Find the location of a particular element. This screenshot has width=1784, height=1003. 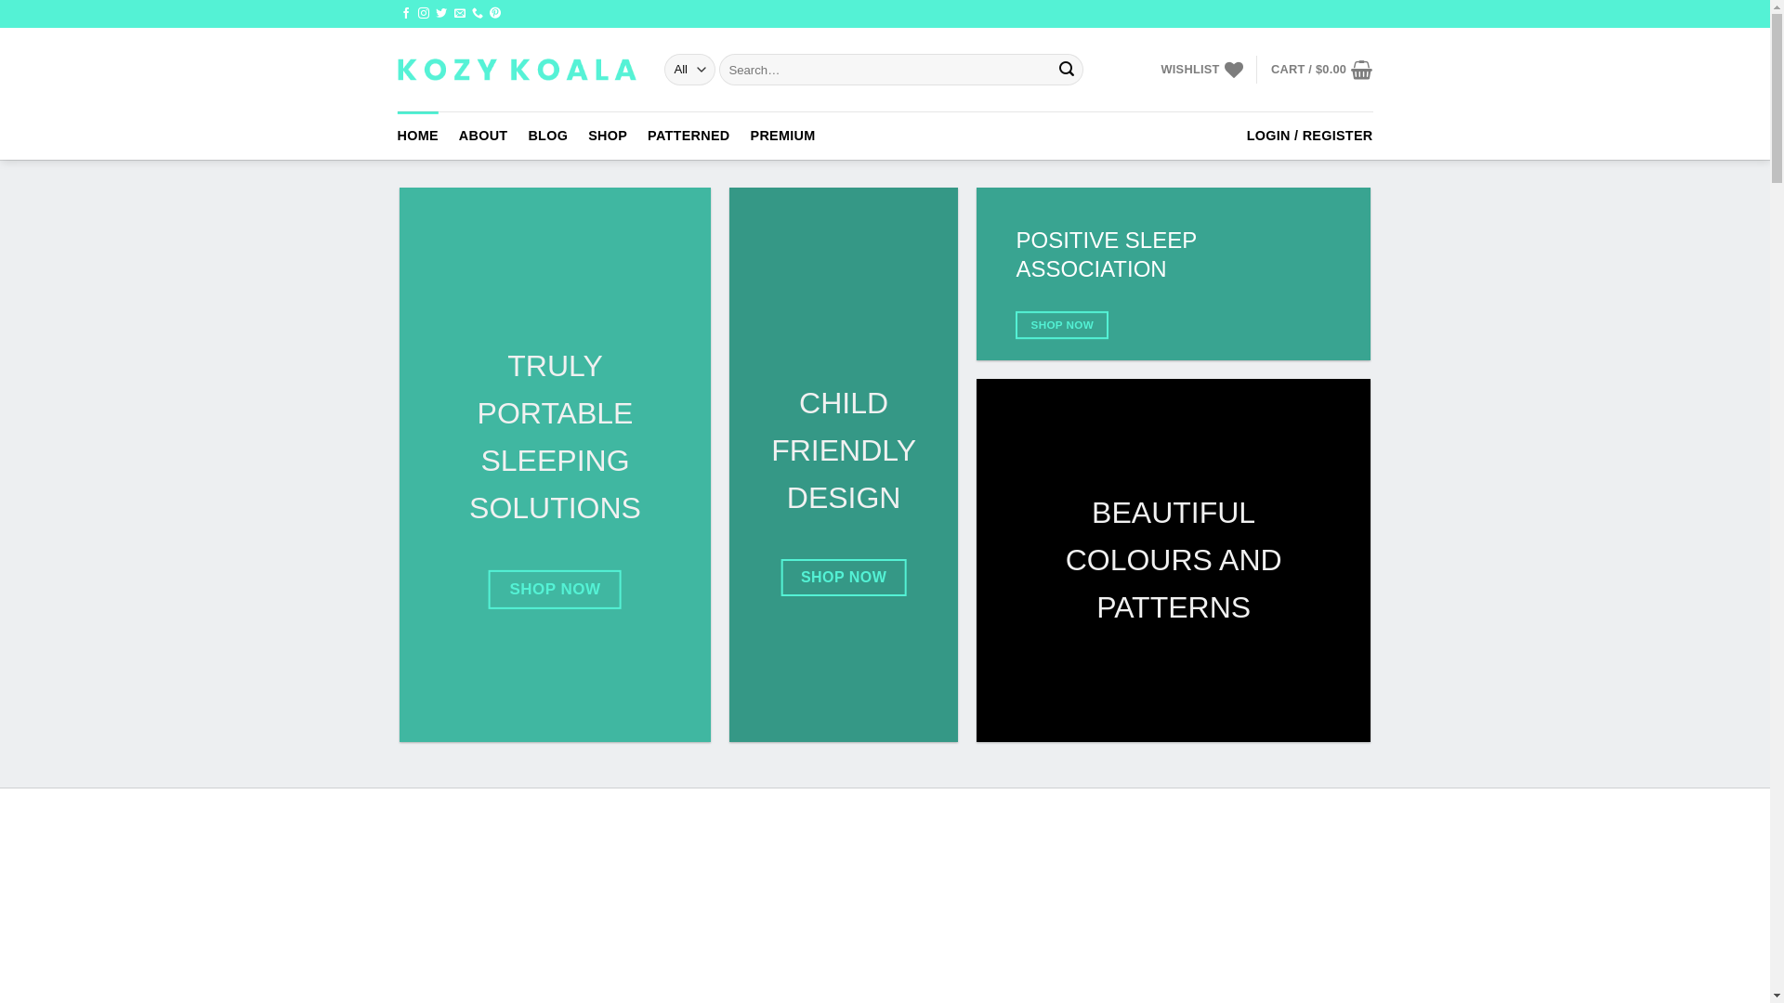

'CART / $0.00' is located at coordinates (1270, 68).